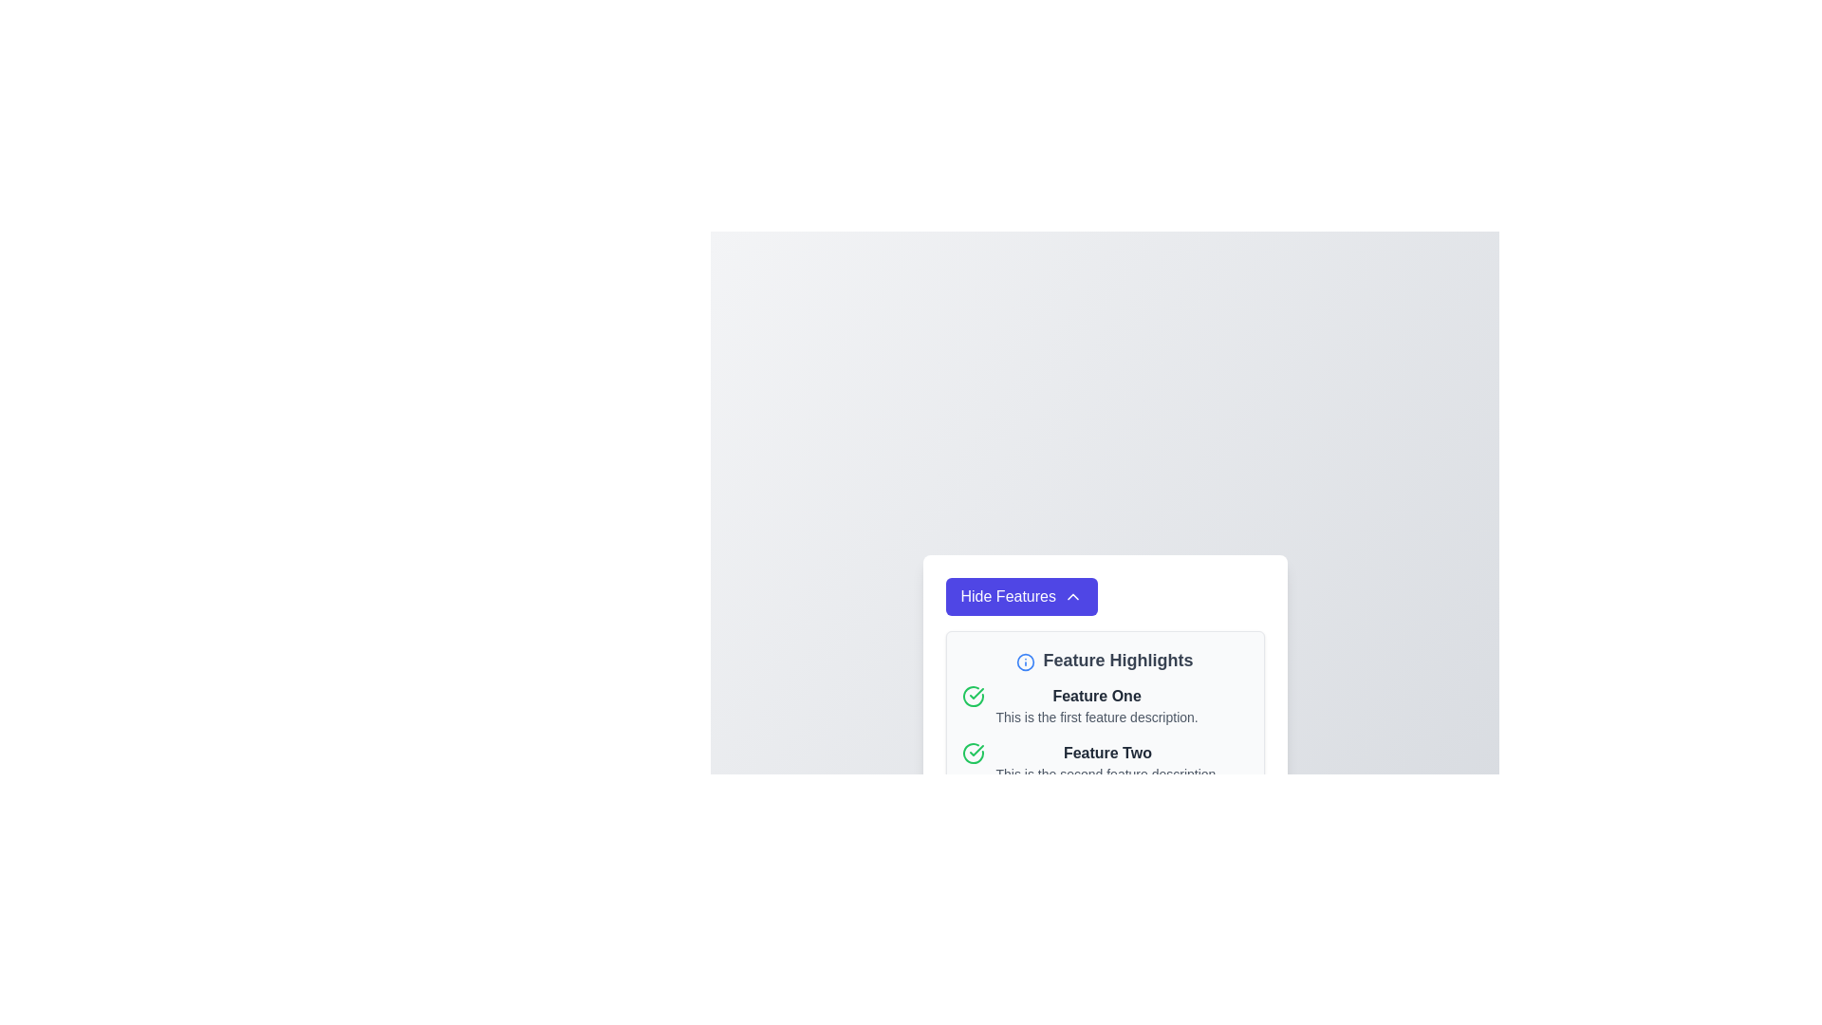 This screenshot has height=1025, width=1822. What do you see at coordinates (1025, 661) in the screenshot?
I see `the circular blue icon containing the 'i' letter, located to the left of the 'Feature Highlights' title text` at bounding box center [1025, 661].